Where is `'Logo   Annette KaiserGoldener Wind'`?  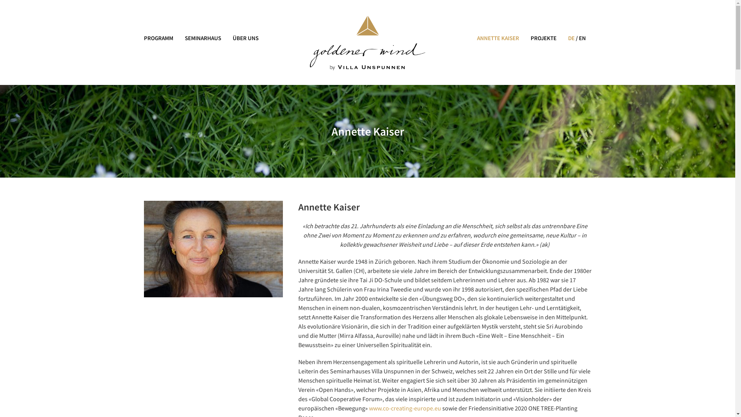
'Logo   Annette KaiserGoldener Wind' is located at coordinates (367, 43).